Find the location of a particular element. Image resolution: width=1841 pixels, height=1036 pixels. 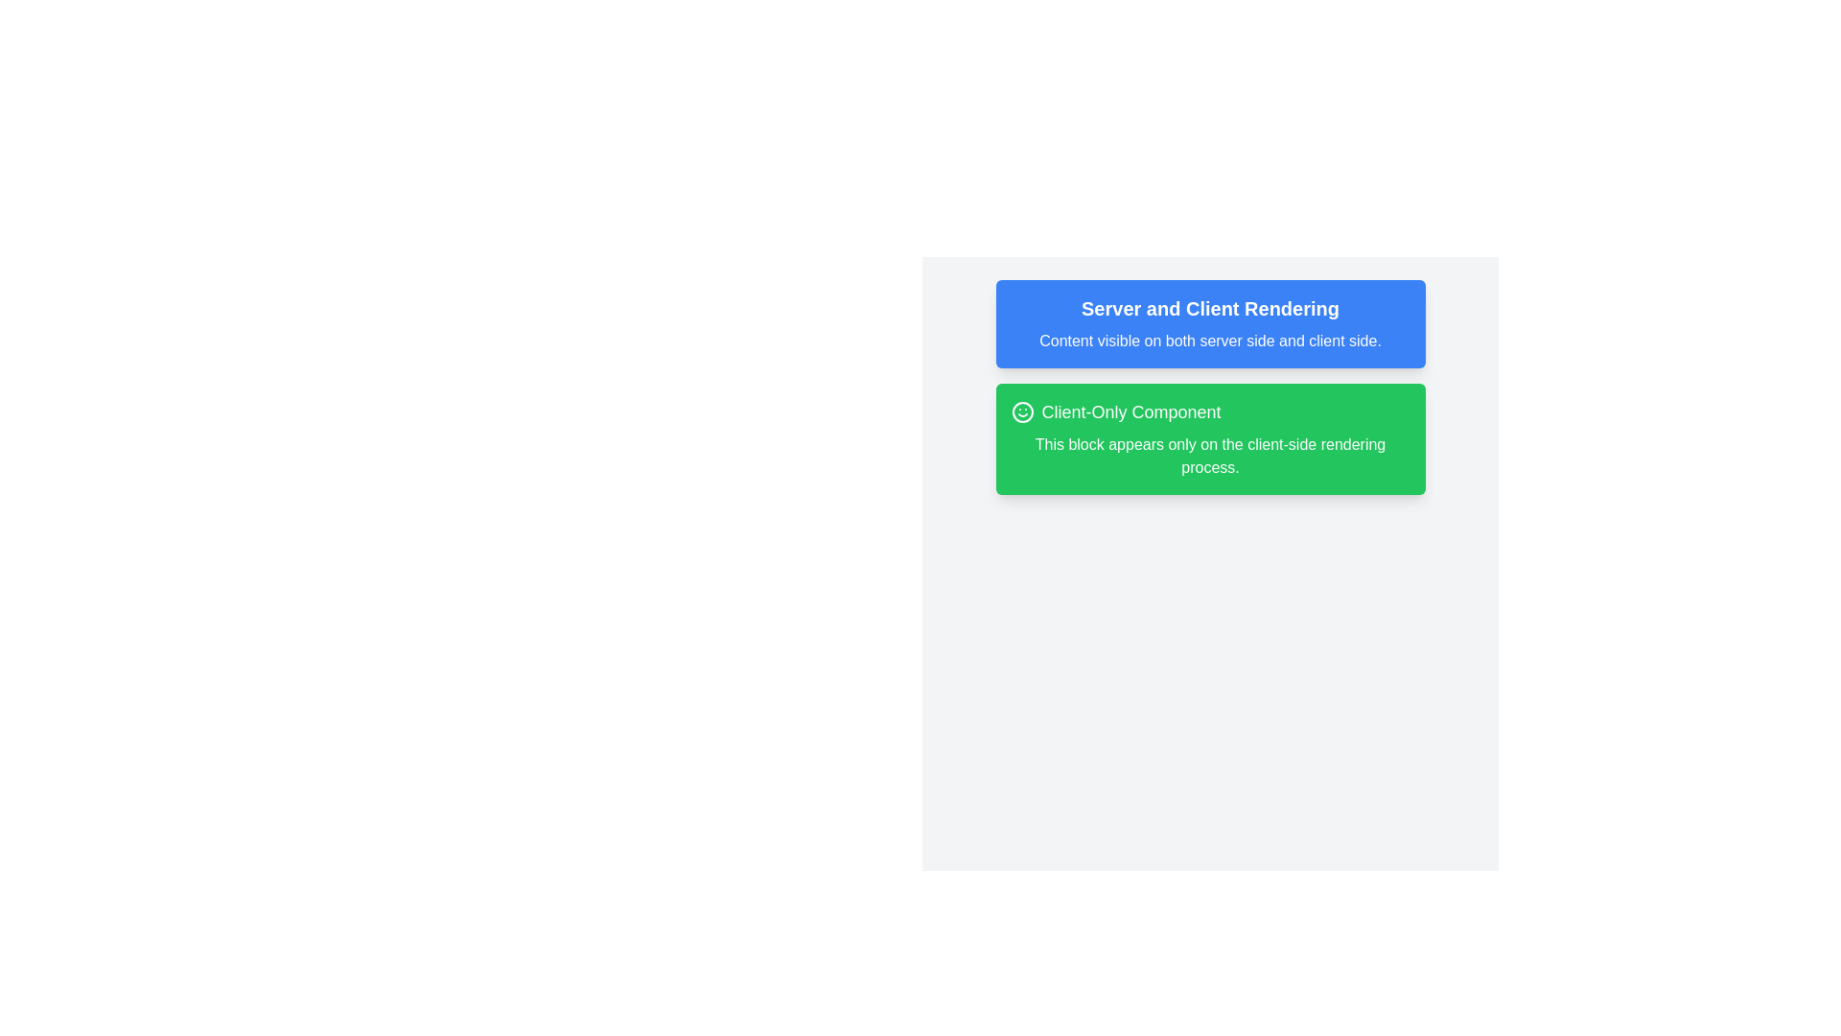

information displayed in the green informational block titled 'Client-Only Component' with a white smiley face icon located to the left of the title is located at coordinates (1209, 439).